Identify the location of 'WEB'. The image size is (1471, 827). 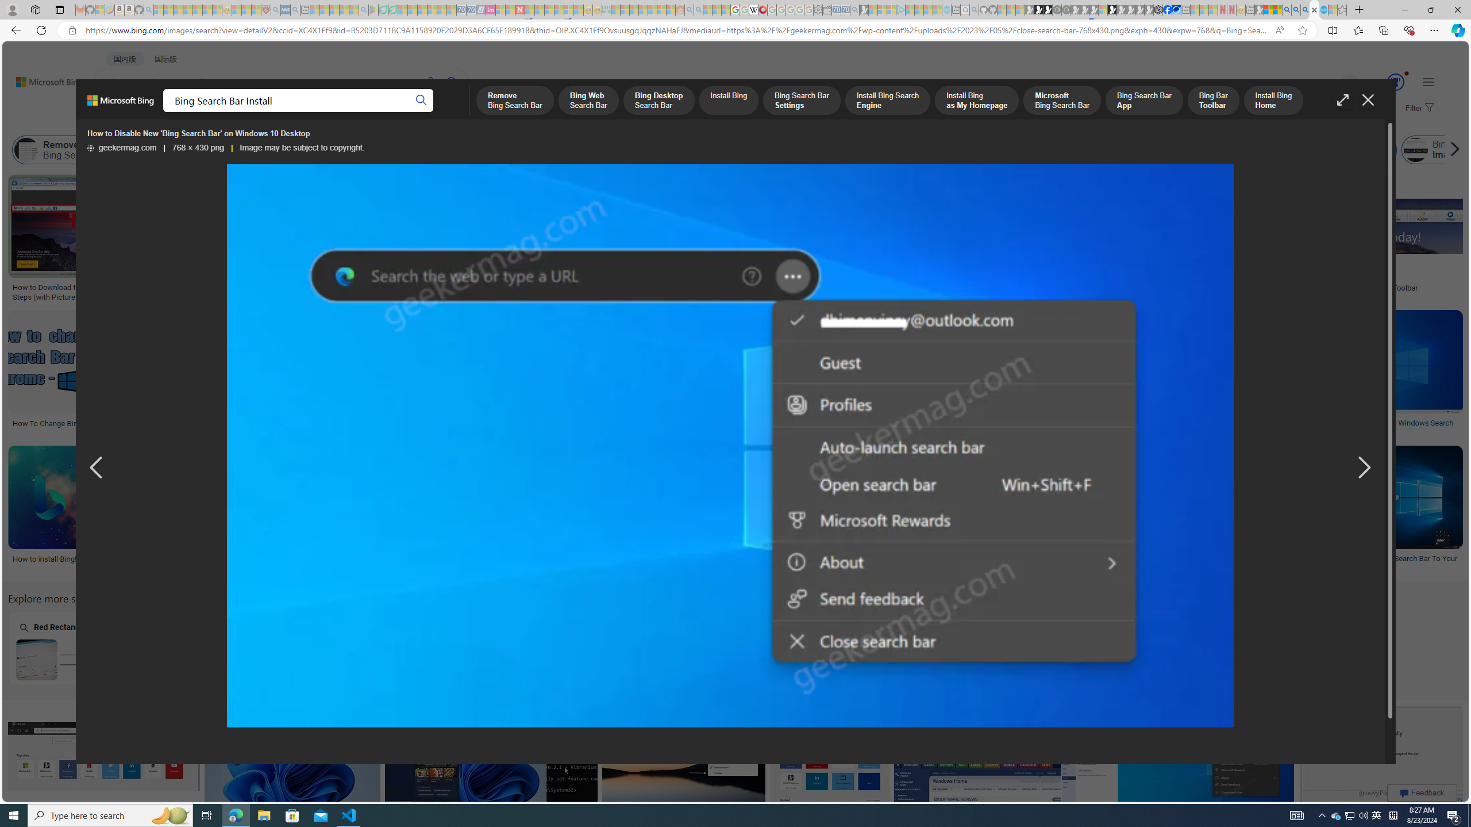
(114, 112).